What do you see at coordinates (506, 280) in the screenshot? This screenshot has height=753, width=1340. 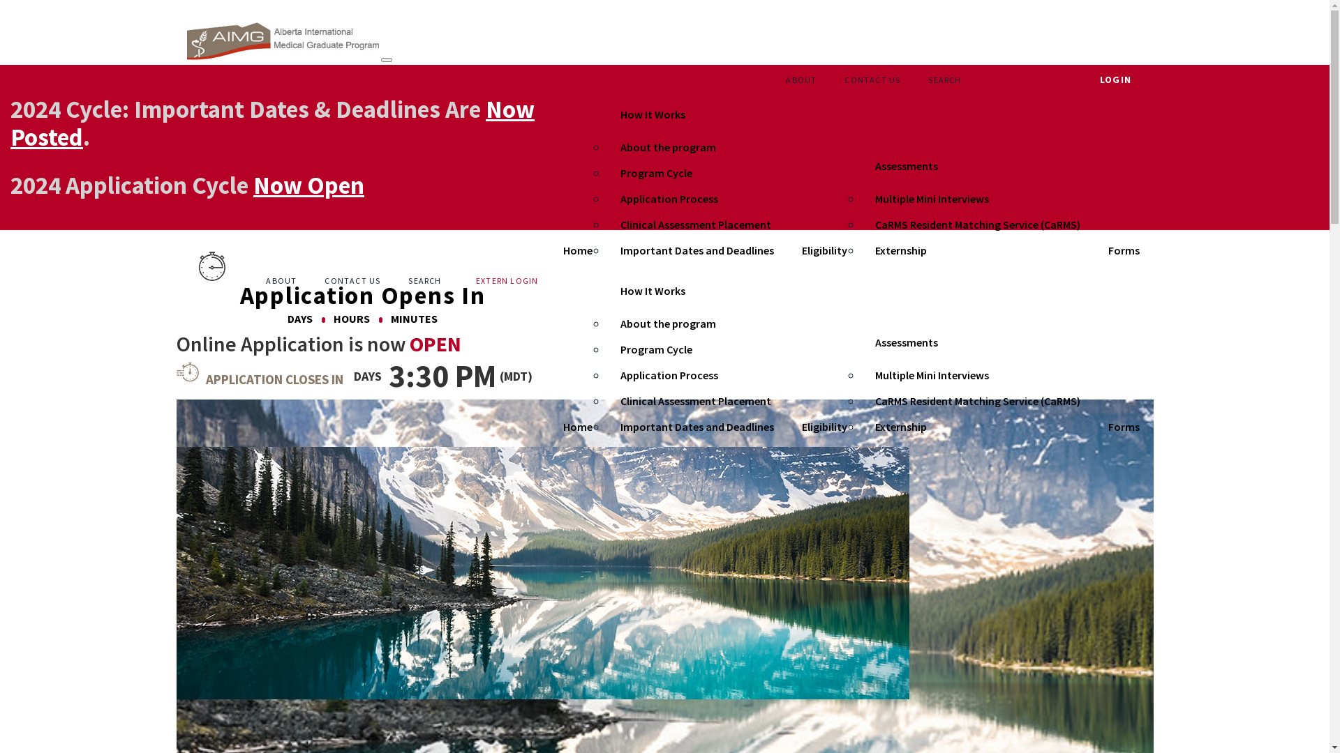 I see `'EXTERN LOGIN'` at bounding box center [506, 280].